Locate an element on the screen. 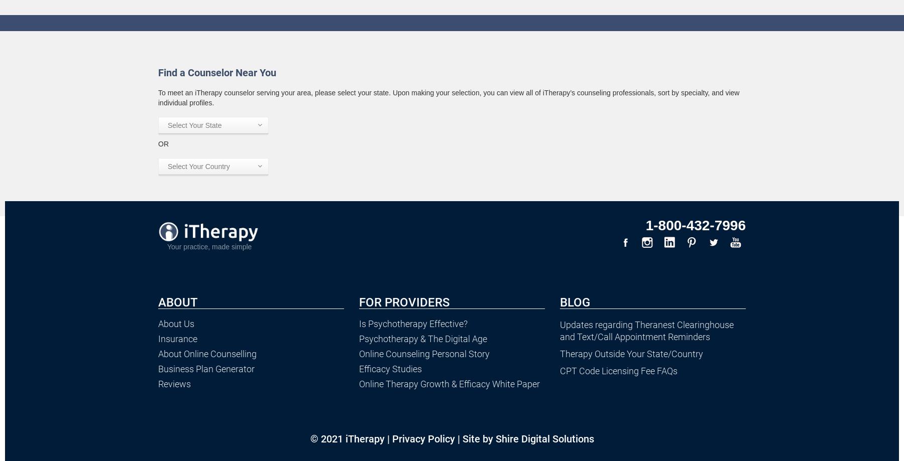 This screenshot has height=461, width=904. 'Psychotherapy & The Digital Age' is located at coordinates (423, 338).